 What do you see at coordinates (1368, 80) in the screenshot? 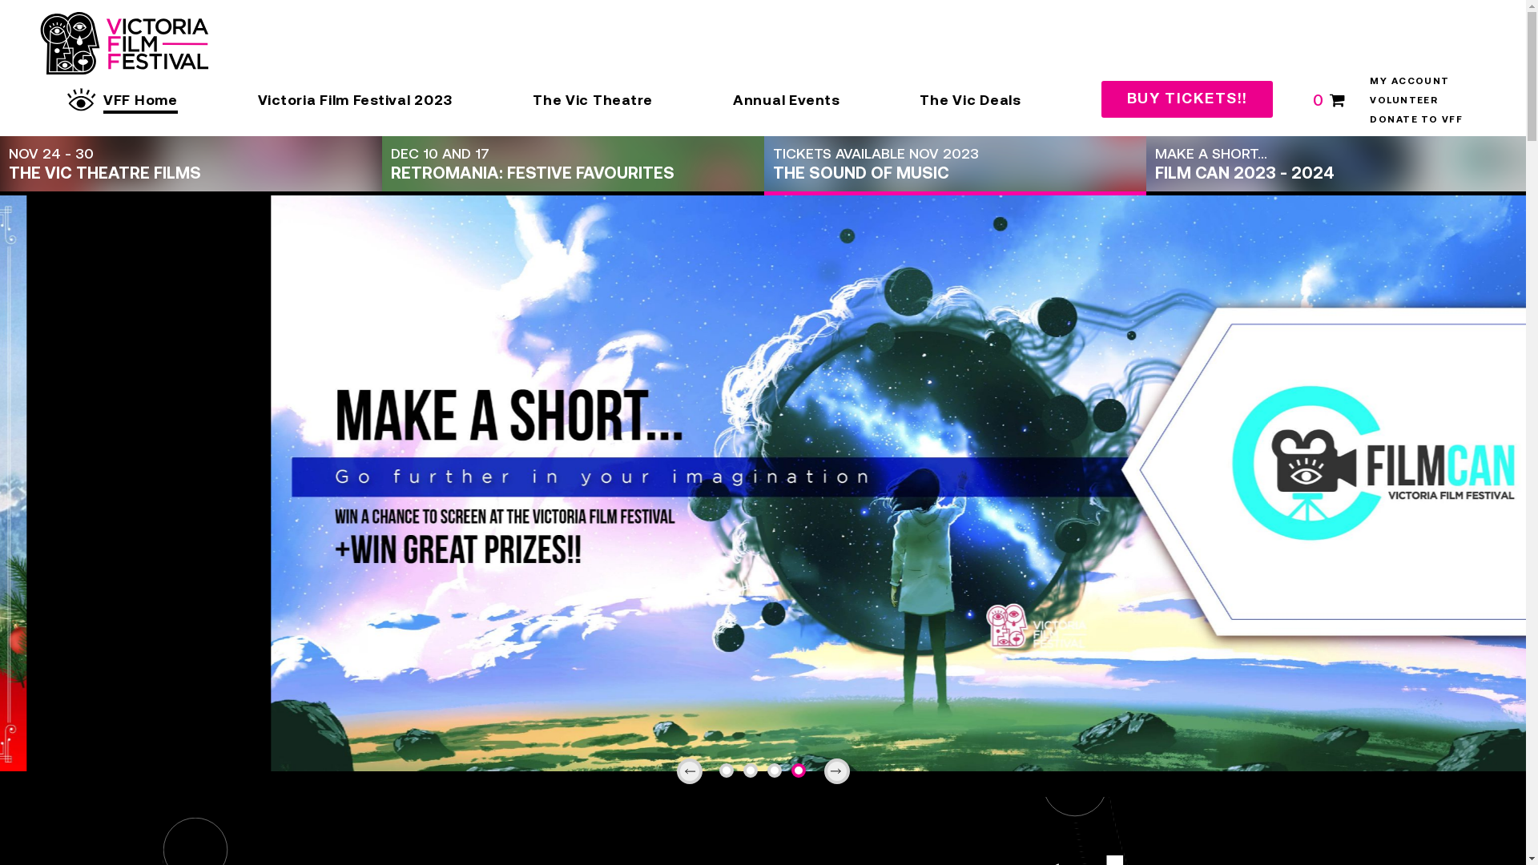
I see `'MY ACCOUNT'` at bounding box center [1368, 80].